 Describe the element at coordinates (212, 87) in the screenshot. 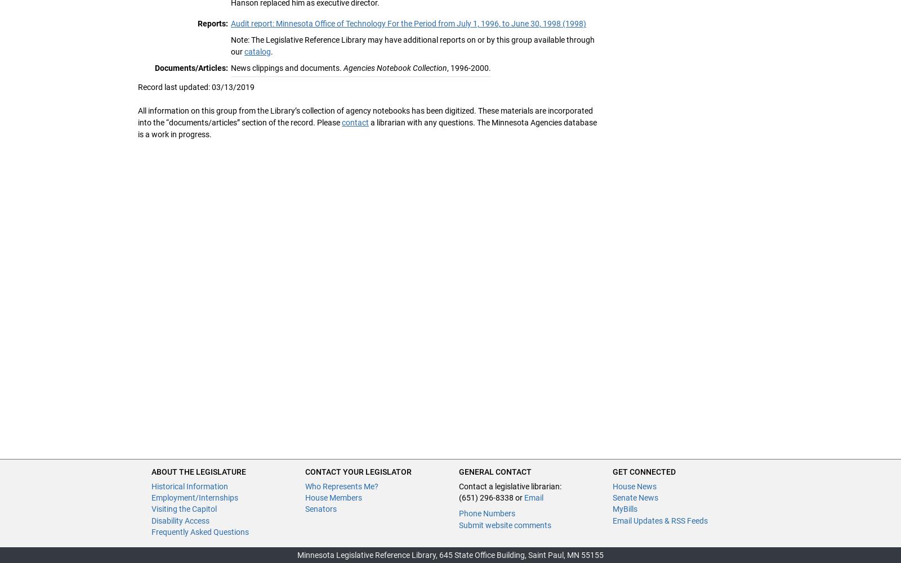

I see `'03/13/2019'` at that location.